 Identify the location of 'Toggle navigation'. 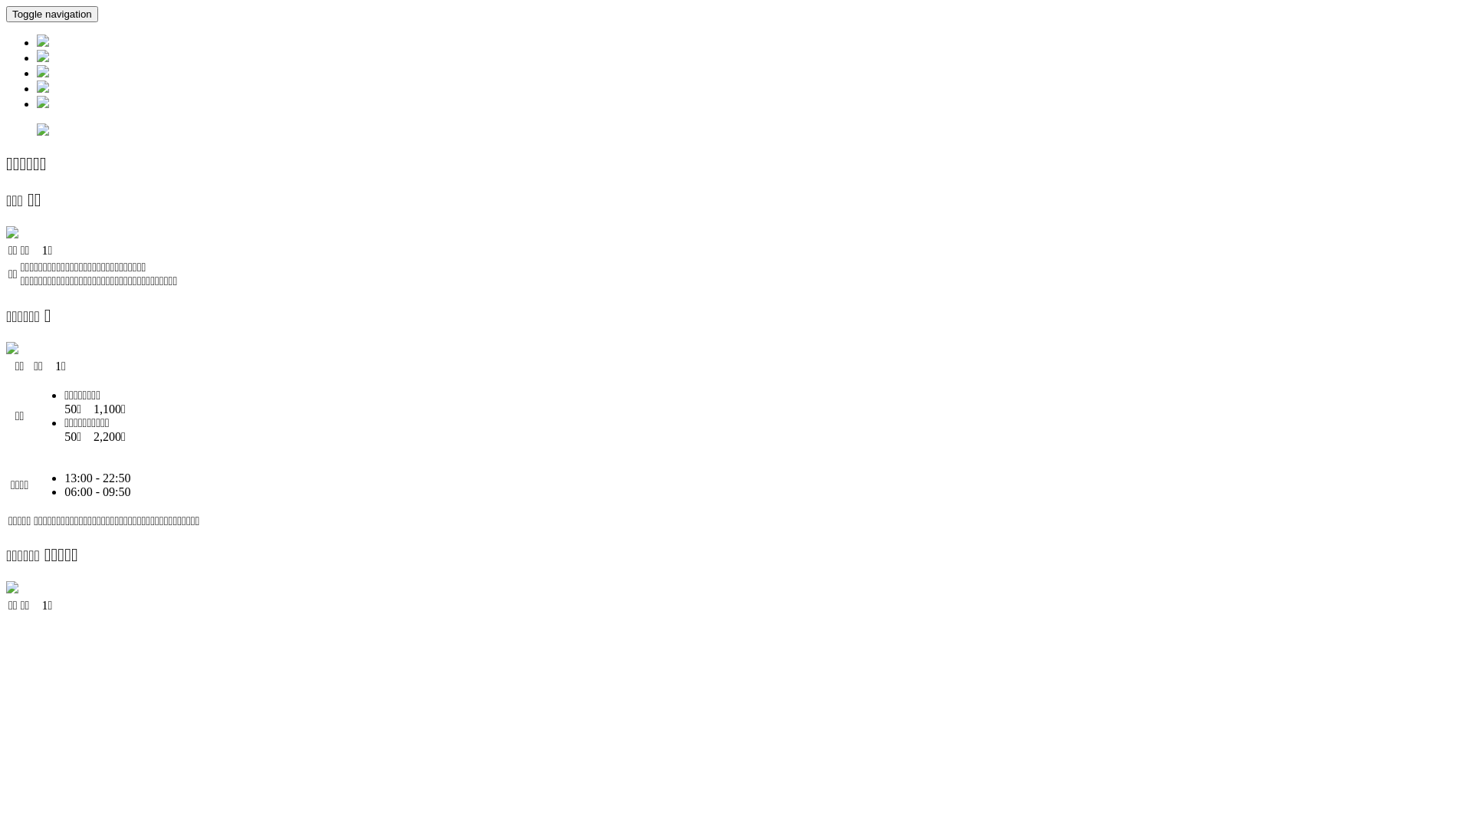
(6, 14).